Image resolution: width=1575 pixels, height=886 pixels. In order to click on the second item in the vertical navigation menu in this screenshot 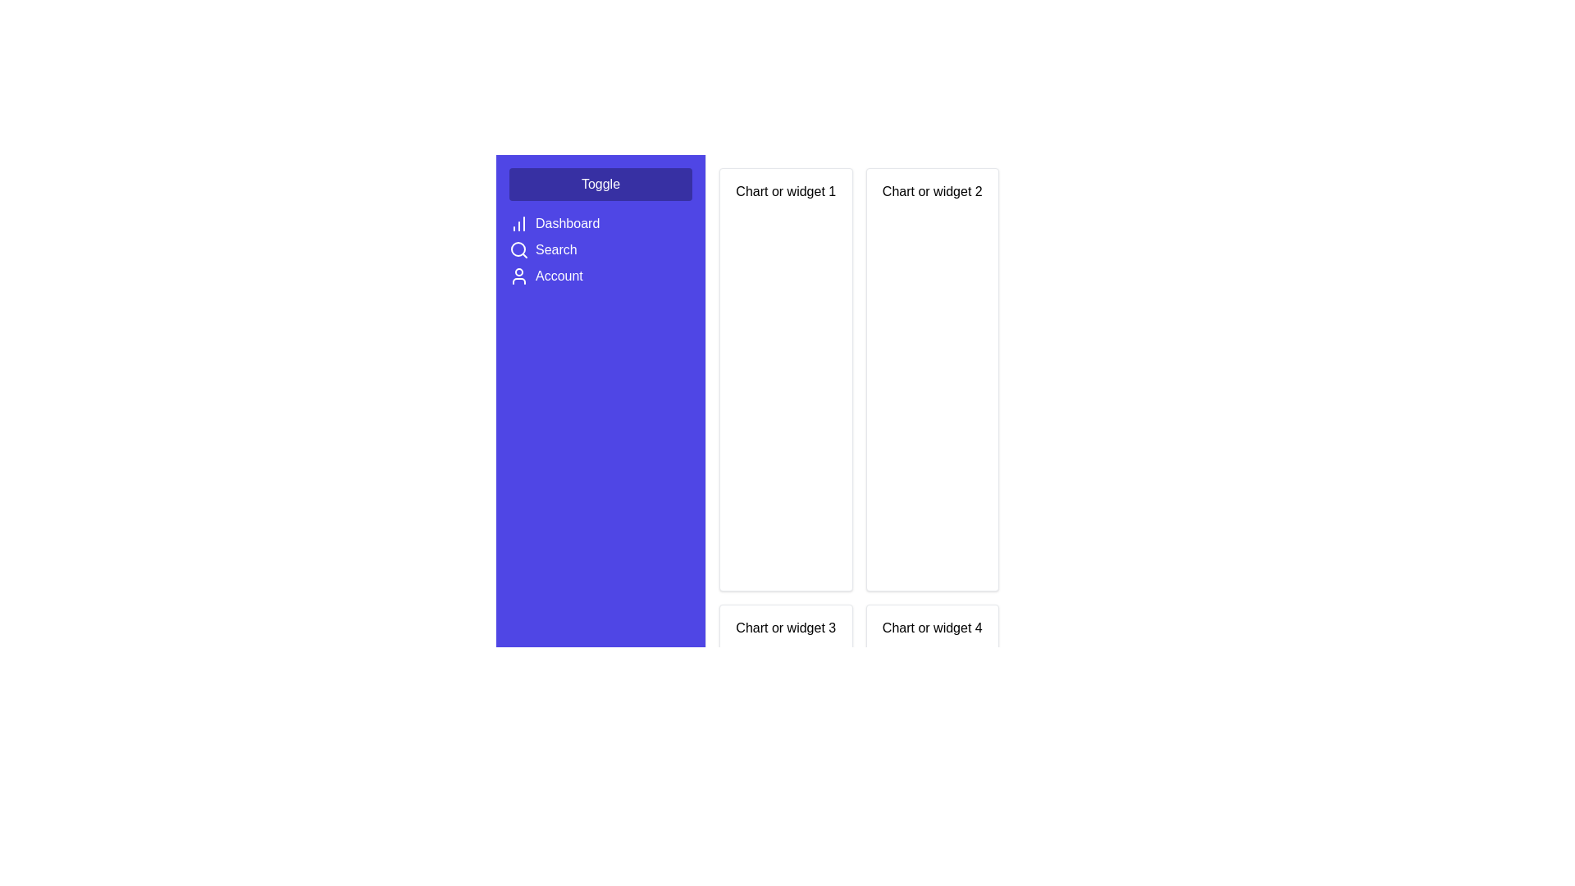, I will do `click(600, 253)`.